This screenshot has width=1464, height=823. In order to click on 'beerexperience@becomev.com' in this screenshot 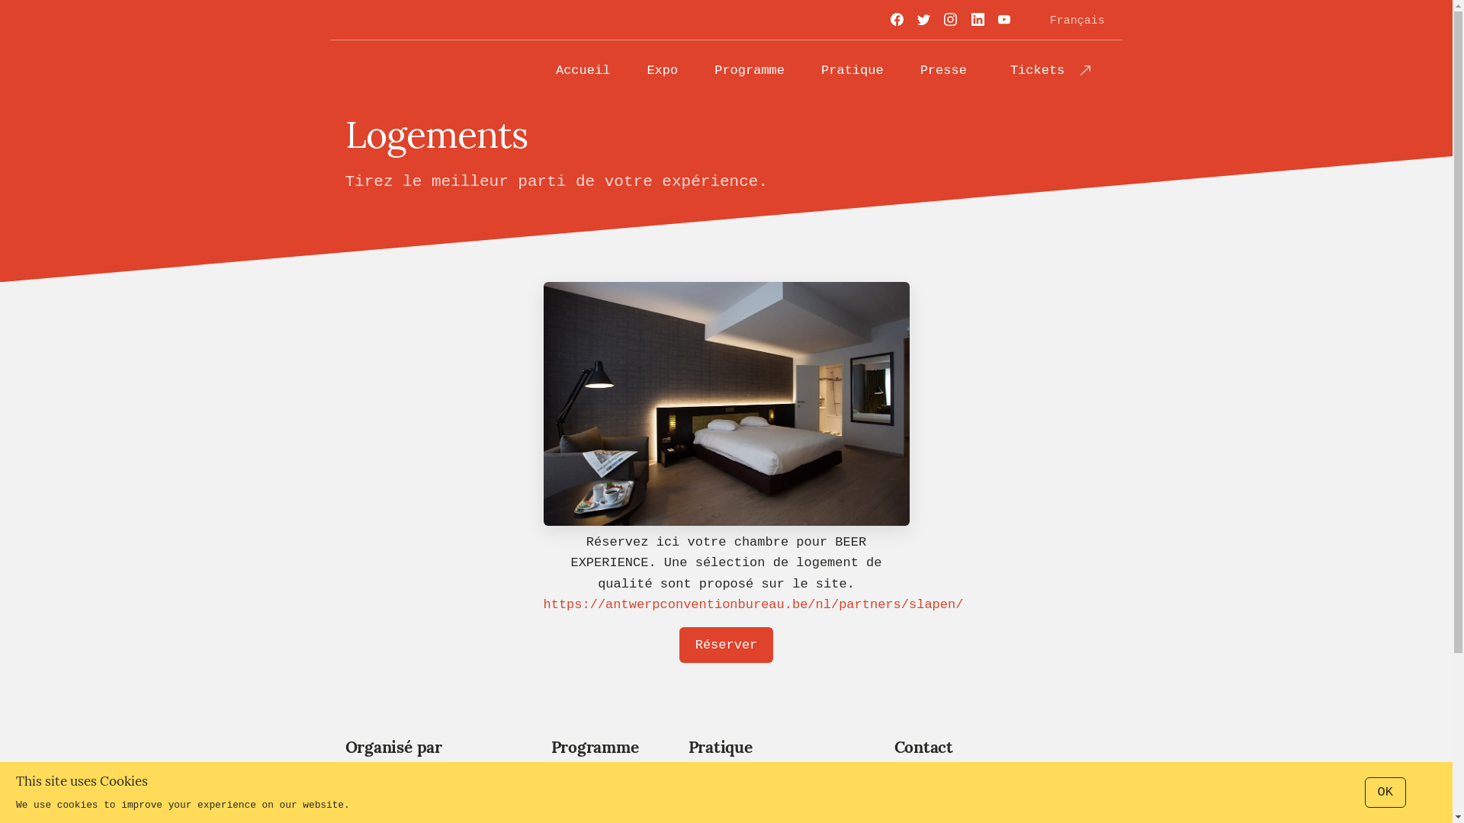, I will do `click(893, 776)`.